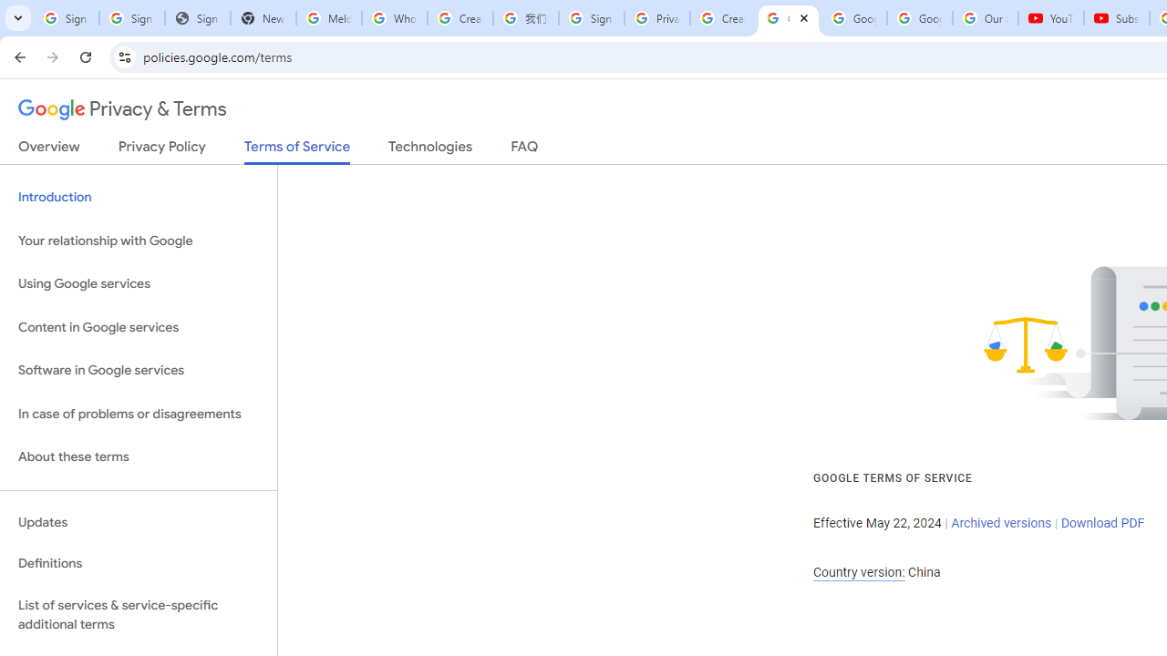 This screenshot has width=1167, height=656. Describe the element at coordinates (161, 149) in the screenshot. I see `'Privacy Policy'` at that location.